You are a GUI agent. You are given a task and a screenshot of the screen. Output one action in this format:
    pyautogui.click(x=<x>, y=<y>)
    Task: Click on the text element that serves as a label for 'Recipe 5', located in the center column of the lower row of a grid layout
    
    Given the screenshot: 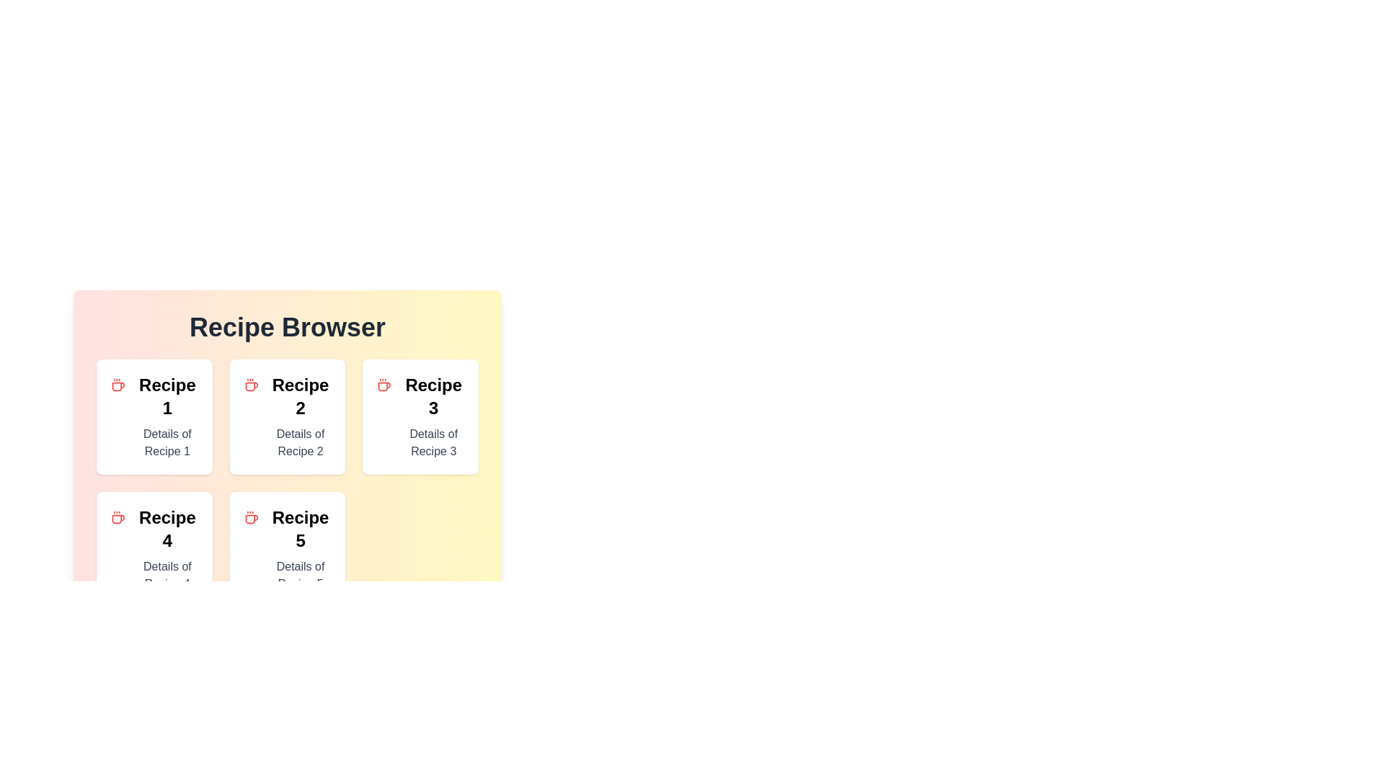 What is the action you would take?
    pyautogui.click(x=300, y=550)
    